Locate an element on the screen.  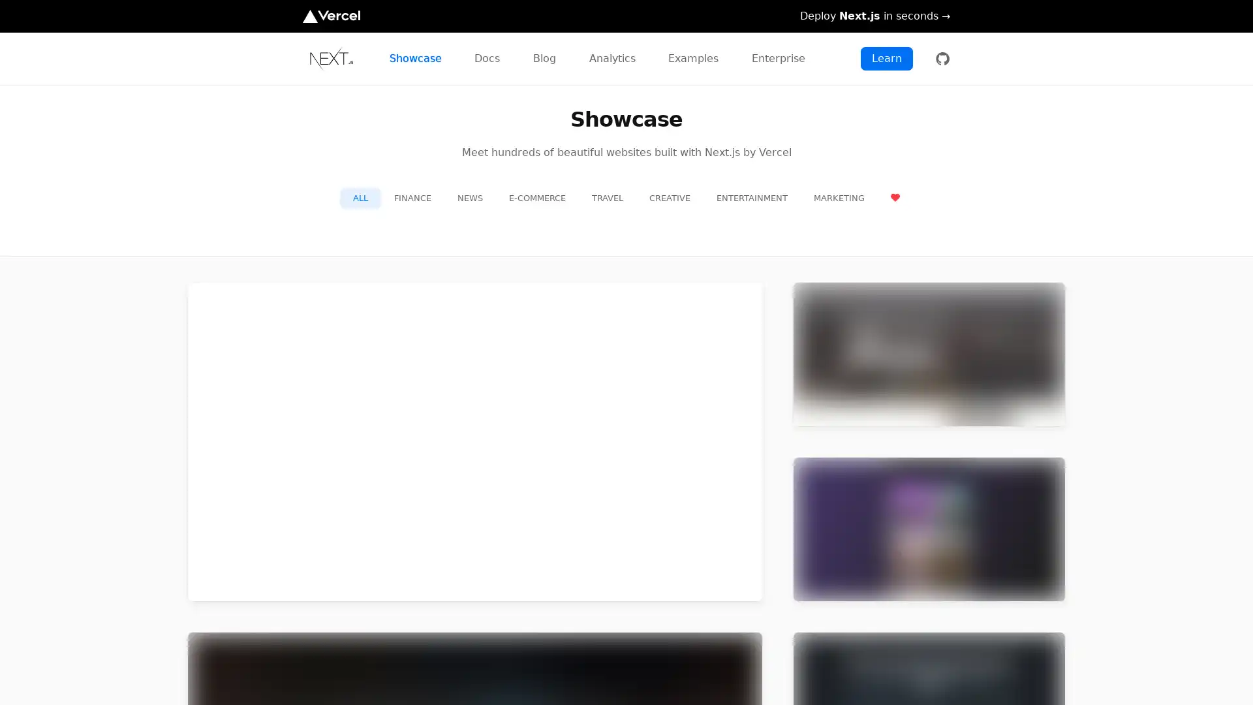
CREATIVE is located at coordinates (670, 198).